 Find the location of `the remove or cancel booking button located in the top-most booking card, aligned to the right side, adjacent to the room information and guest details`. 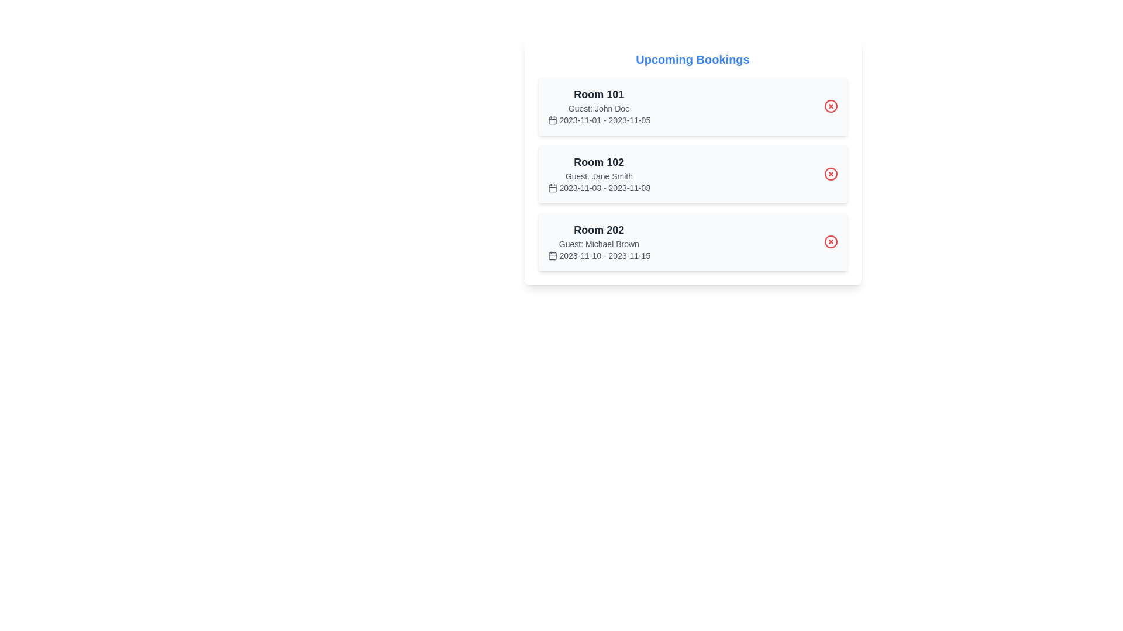

the remove or cancel booking button located in the top-most booking card, aligned to the right side, adjacent to the room information and guest details is located at coordinates (830, 106).